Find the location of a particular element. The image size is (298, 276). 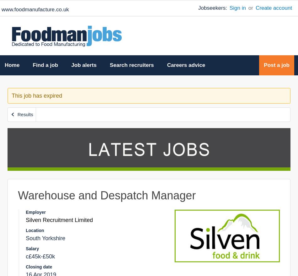

'Location' is located at coordinates (35, 230).